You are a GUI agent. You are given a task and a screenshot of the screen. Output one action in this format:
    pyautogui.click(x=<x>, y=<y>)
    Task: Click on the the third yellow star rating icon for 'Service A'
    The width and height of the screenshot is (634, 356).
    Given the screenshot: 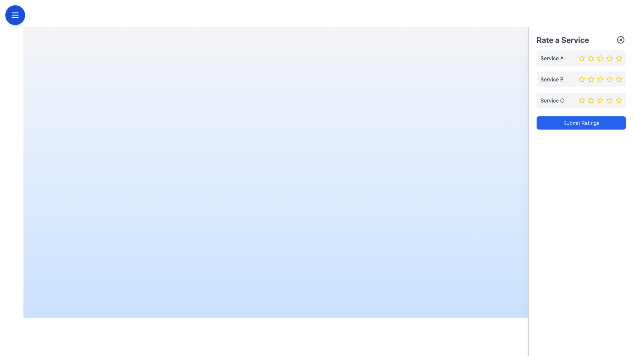 What is the action you would take?
    pyautogui.click(x=600, y=58)
    